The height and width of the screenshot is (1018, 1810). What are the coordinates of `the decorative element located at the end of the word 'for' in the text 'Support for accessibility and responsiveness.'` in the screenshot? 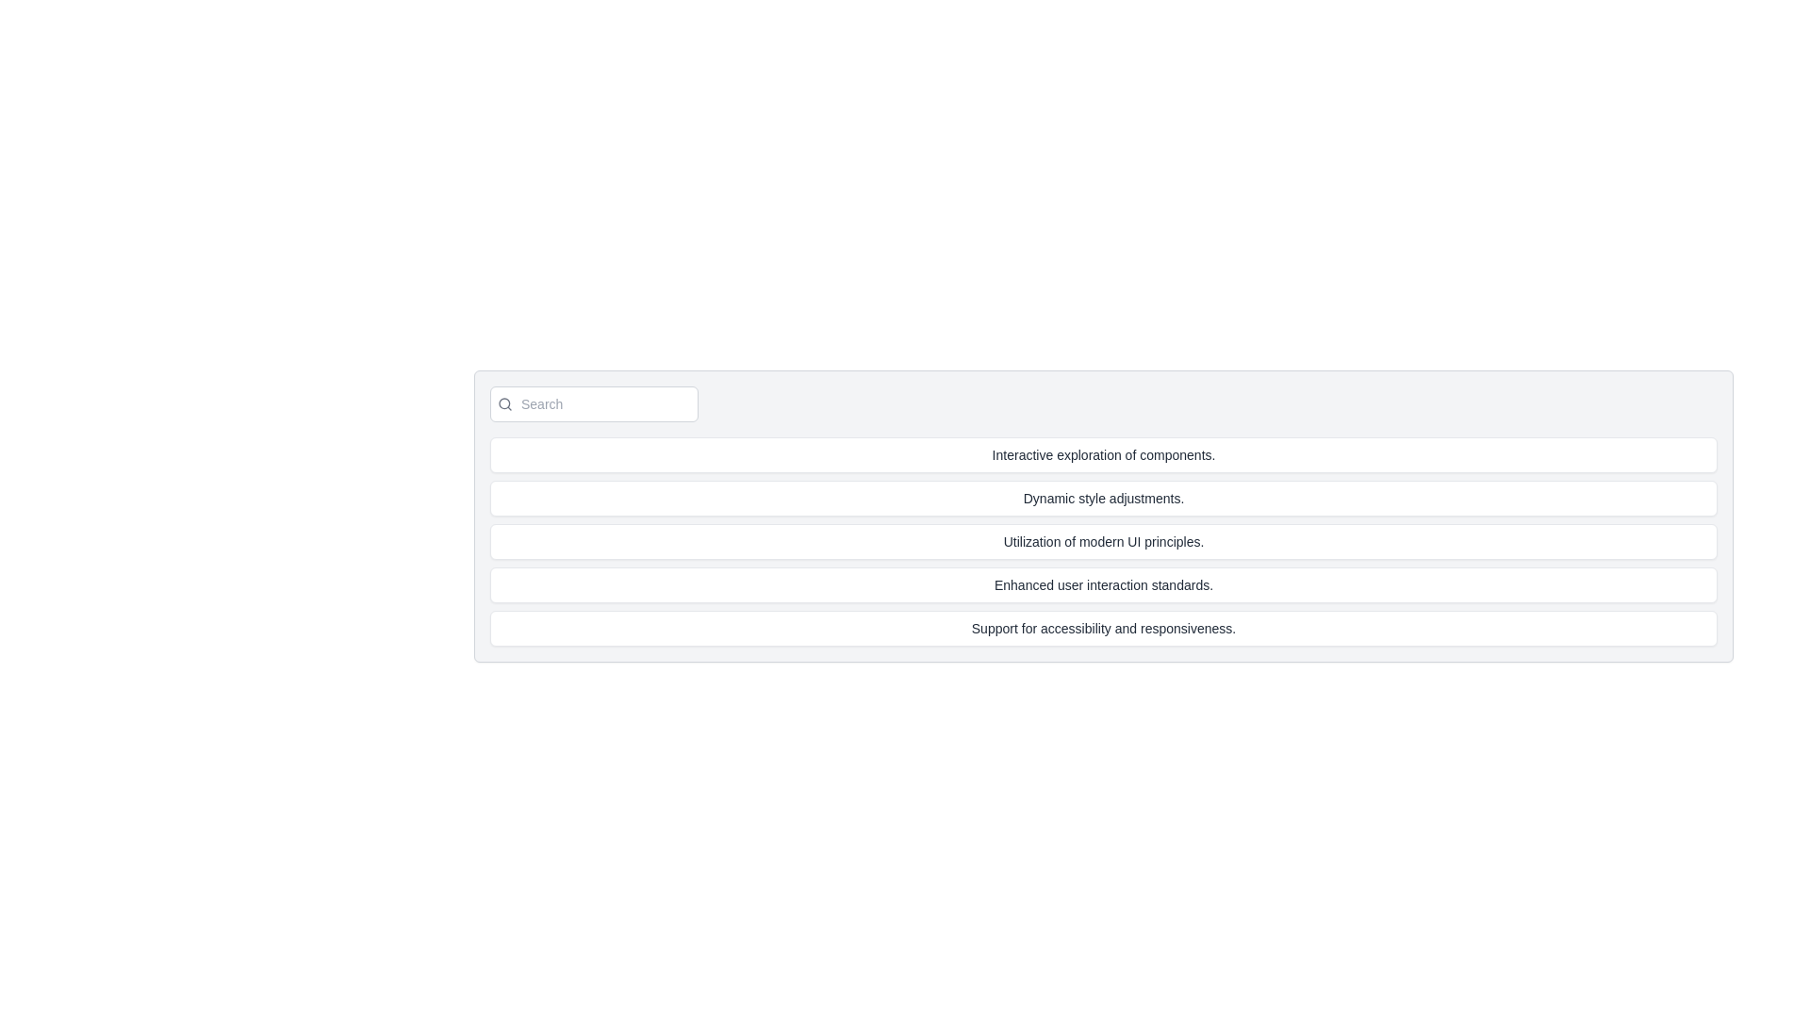 It's located at (1018, 629).